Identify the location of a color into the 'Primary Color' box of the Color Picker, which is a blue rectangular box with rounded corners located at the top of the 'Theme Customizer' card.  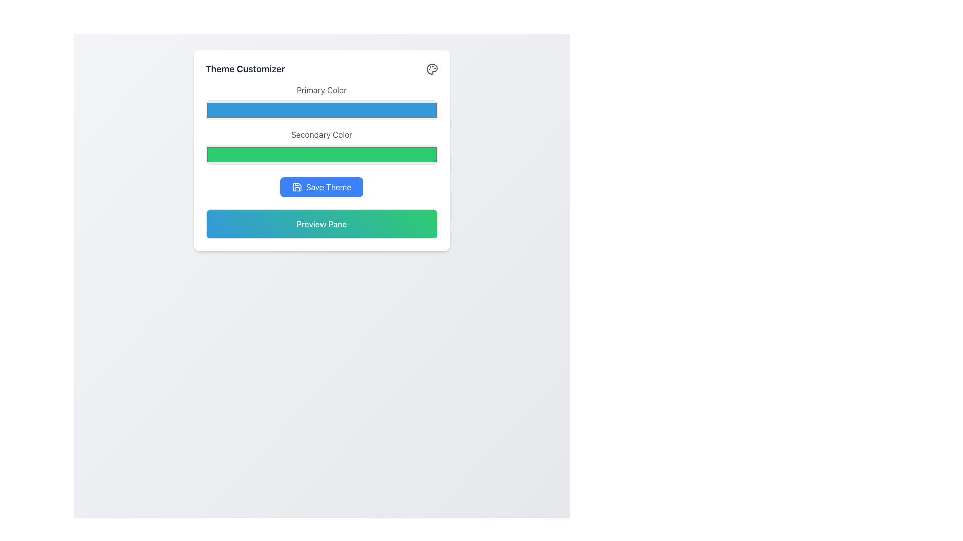
(322, 102).